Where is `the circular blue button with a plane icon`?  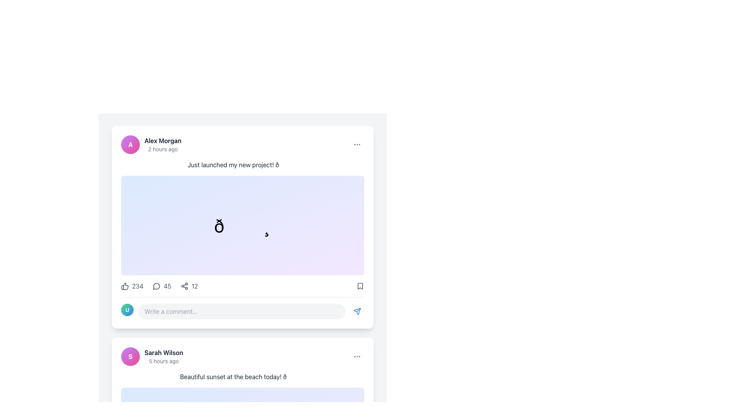 the circular blue button with a plane icon is located at coordinates (356, 311).